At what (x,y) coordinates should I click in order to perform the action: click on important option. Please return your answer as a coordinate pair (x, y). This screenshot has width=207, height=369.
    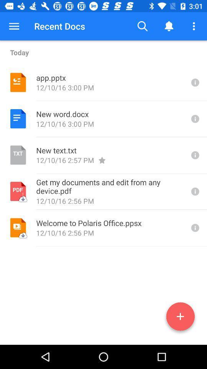
    Looking at the image, I should click on (194, 191).